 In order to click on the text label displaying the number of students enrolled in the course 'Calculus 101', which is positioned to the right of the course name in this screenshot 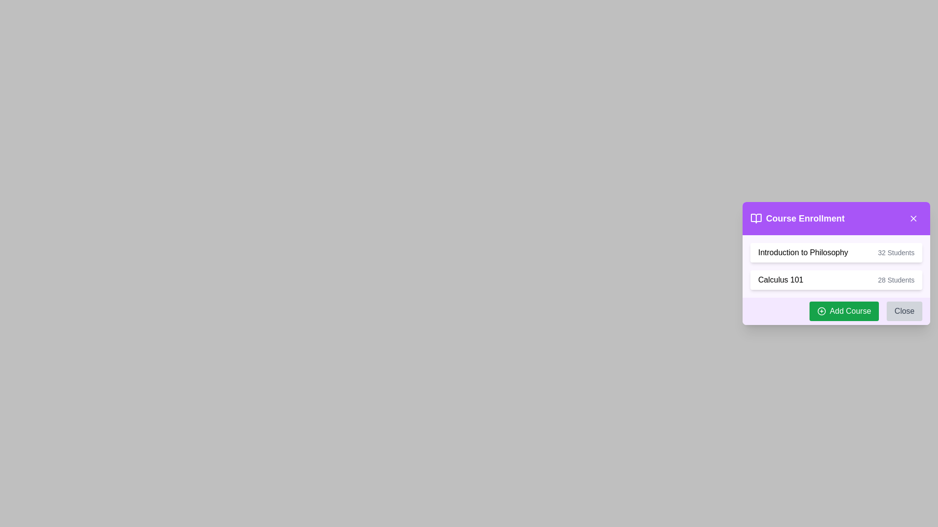, I will do `click(896, 280)`.